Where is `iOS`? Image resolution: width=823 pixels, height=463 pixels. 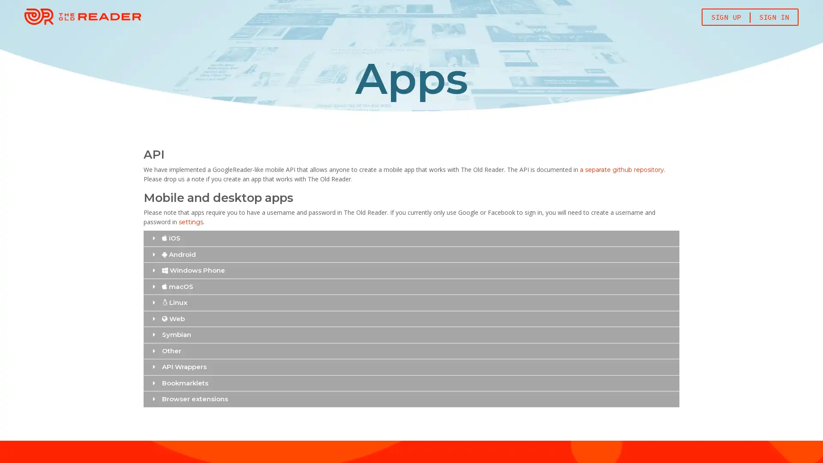 iOS is located at coordinates (411, 238).